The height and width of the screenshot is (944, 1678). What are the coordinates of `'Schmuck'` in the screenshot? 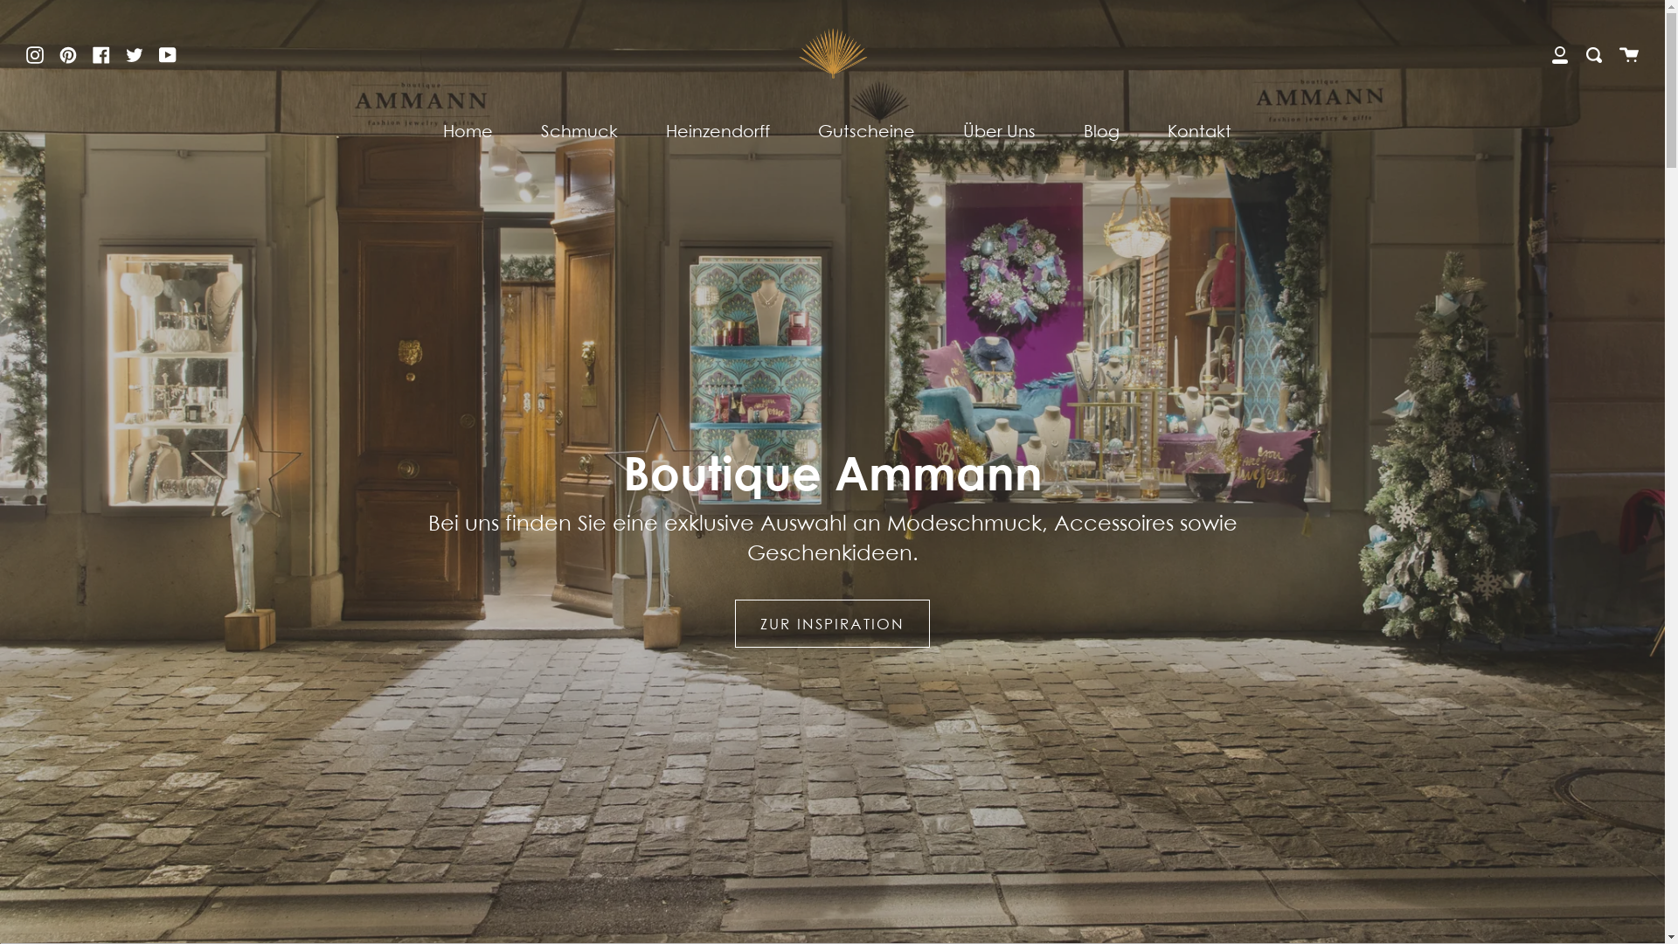 It's located at (579, 130).